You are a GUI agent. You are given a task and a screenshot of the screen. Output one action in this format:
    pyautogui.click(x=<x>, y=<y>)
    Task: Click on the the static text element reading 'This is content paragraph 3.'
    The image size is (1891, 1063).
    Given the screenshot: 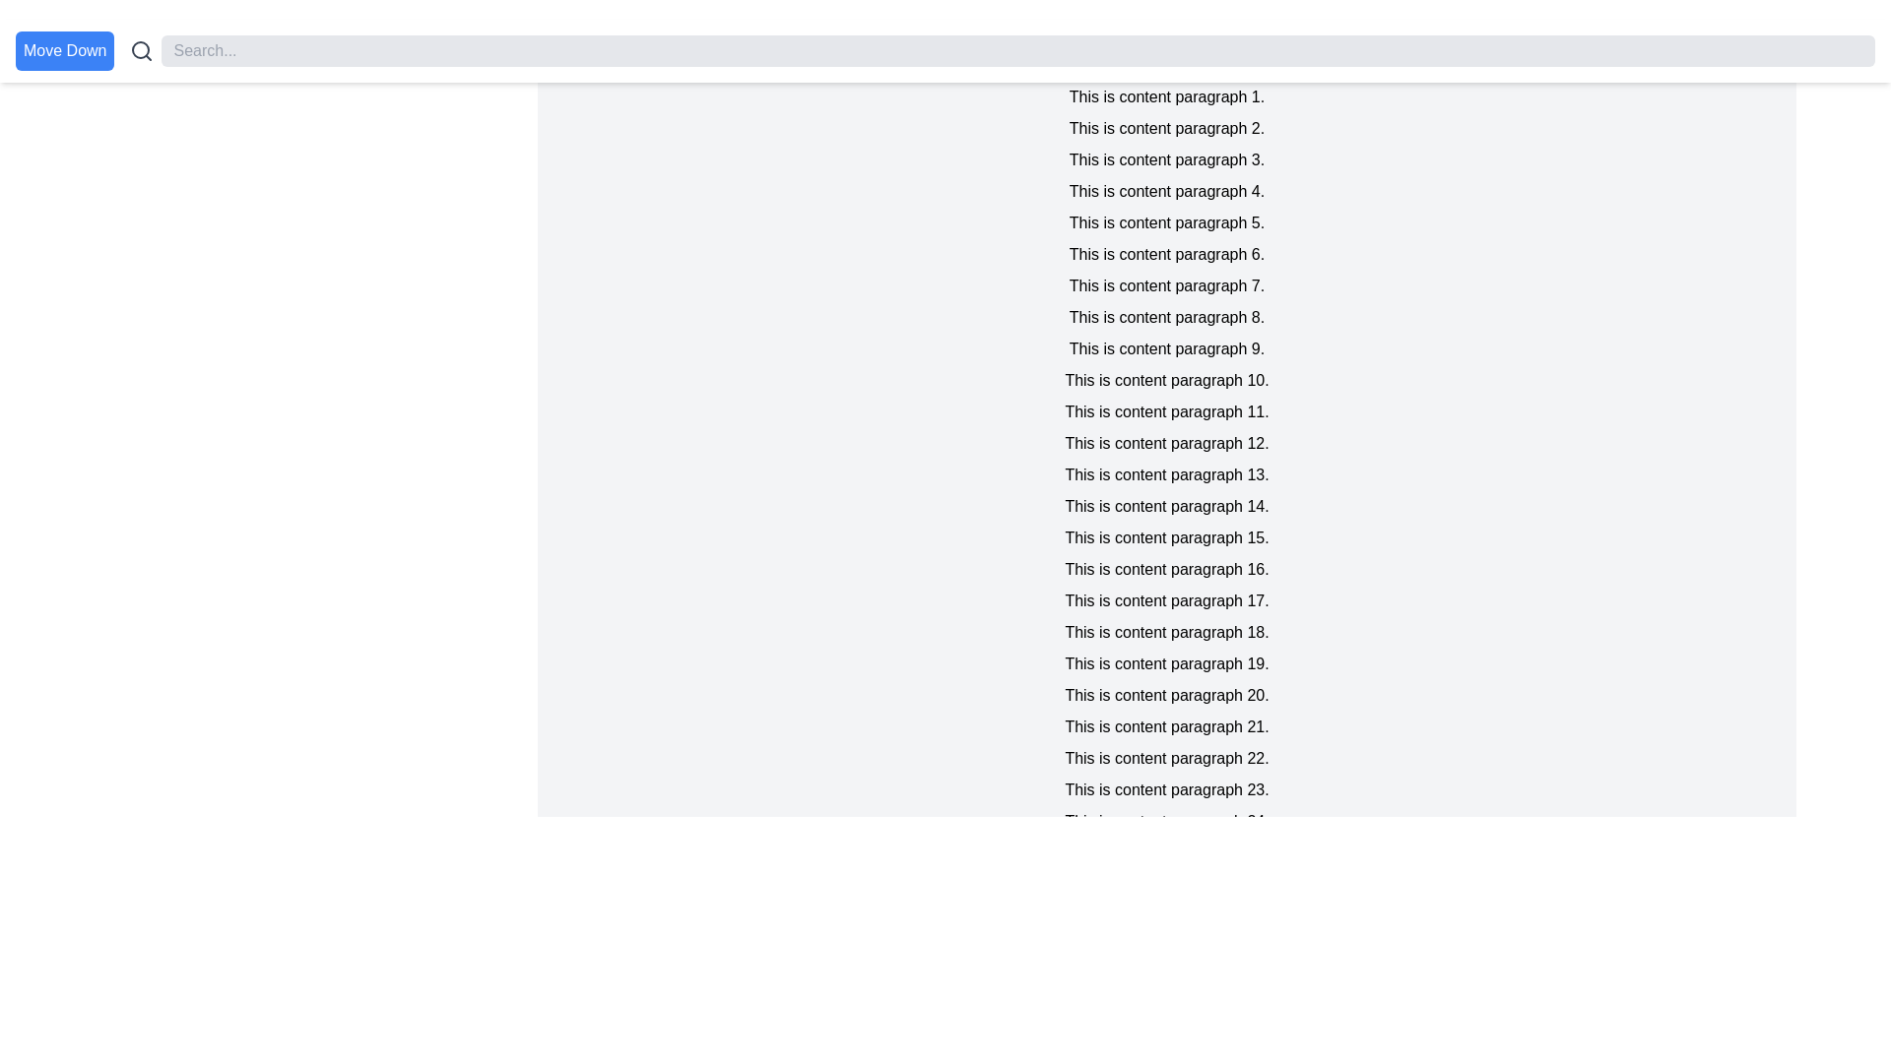 What is the action you would take?
    pyautogui.click(x=1167, y=158)
    